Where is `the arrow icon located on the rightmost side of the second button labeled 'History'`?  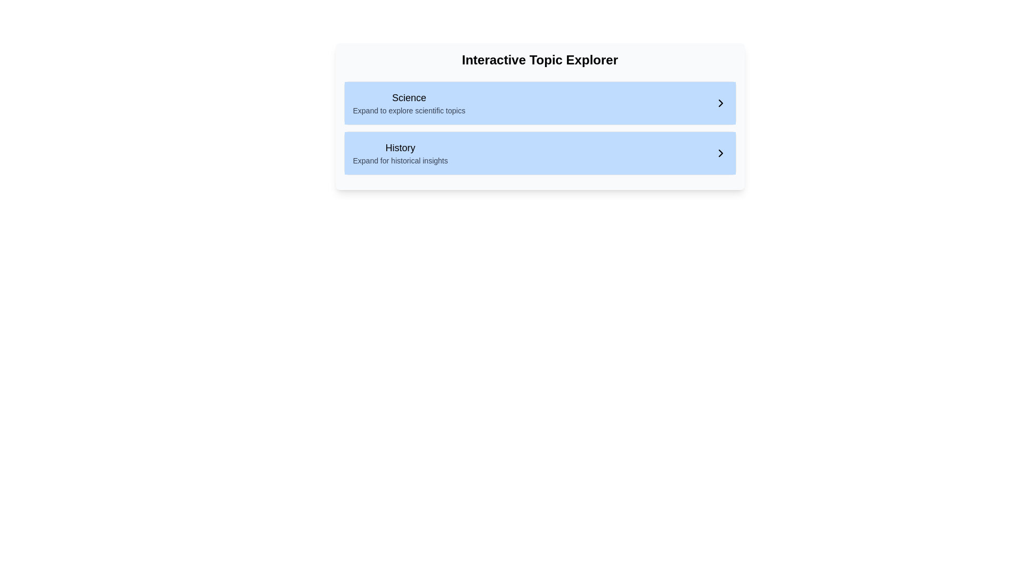
the arrow icon located on the rightmost side of the second button labeled 'History' is located at coordinates (720, 153).